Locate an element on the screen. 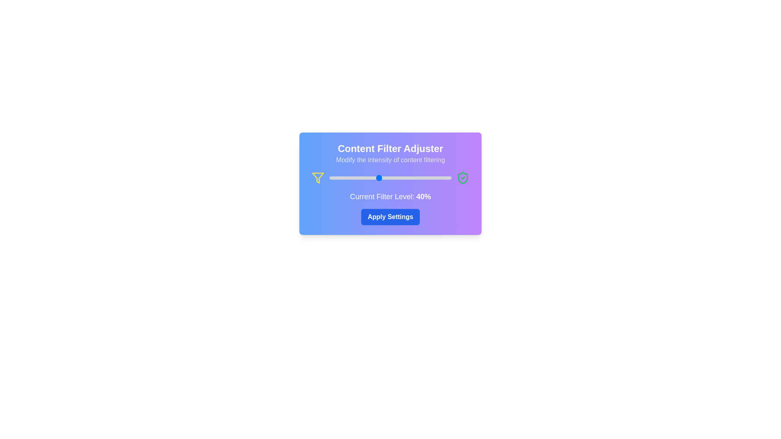 The width and height of the screenshot is (781, 439). the content filter level to 13% by dragging the slider is located at coordinates (345, 178).